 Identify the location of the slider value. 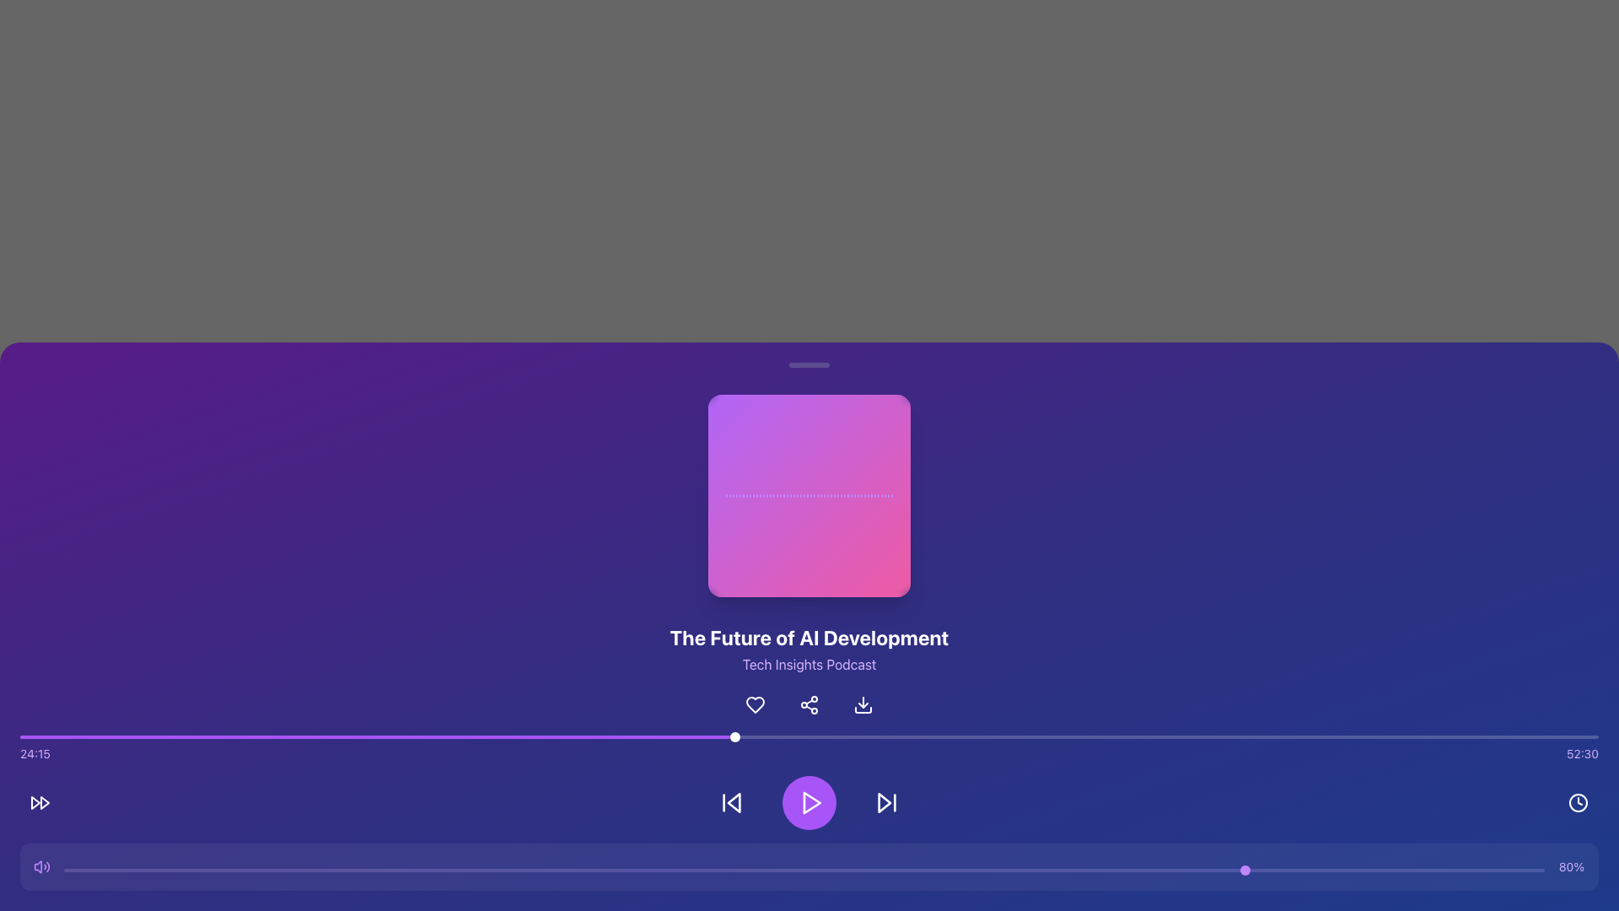
(211, 871).